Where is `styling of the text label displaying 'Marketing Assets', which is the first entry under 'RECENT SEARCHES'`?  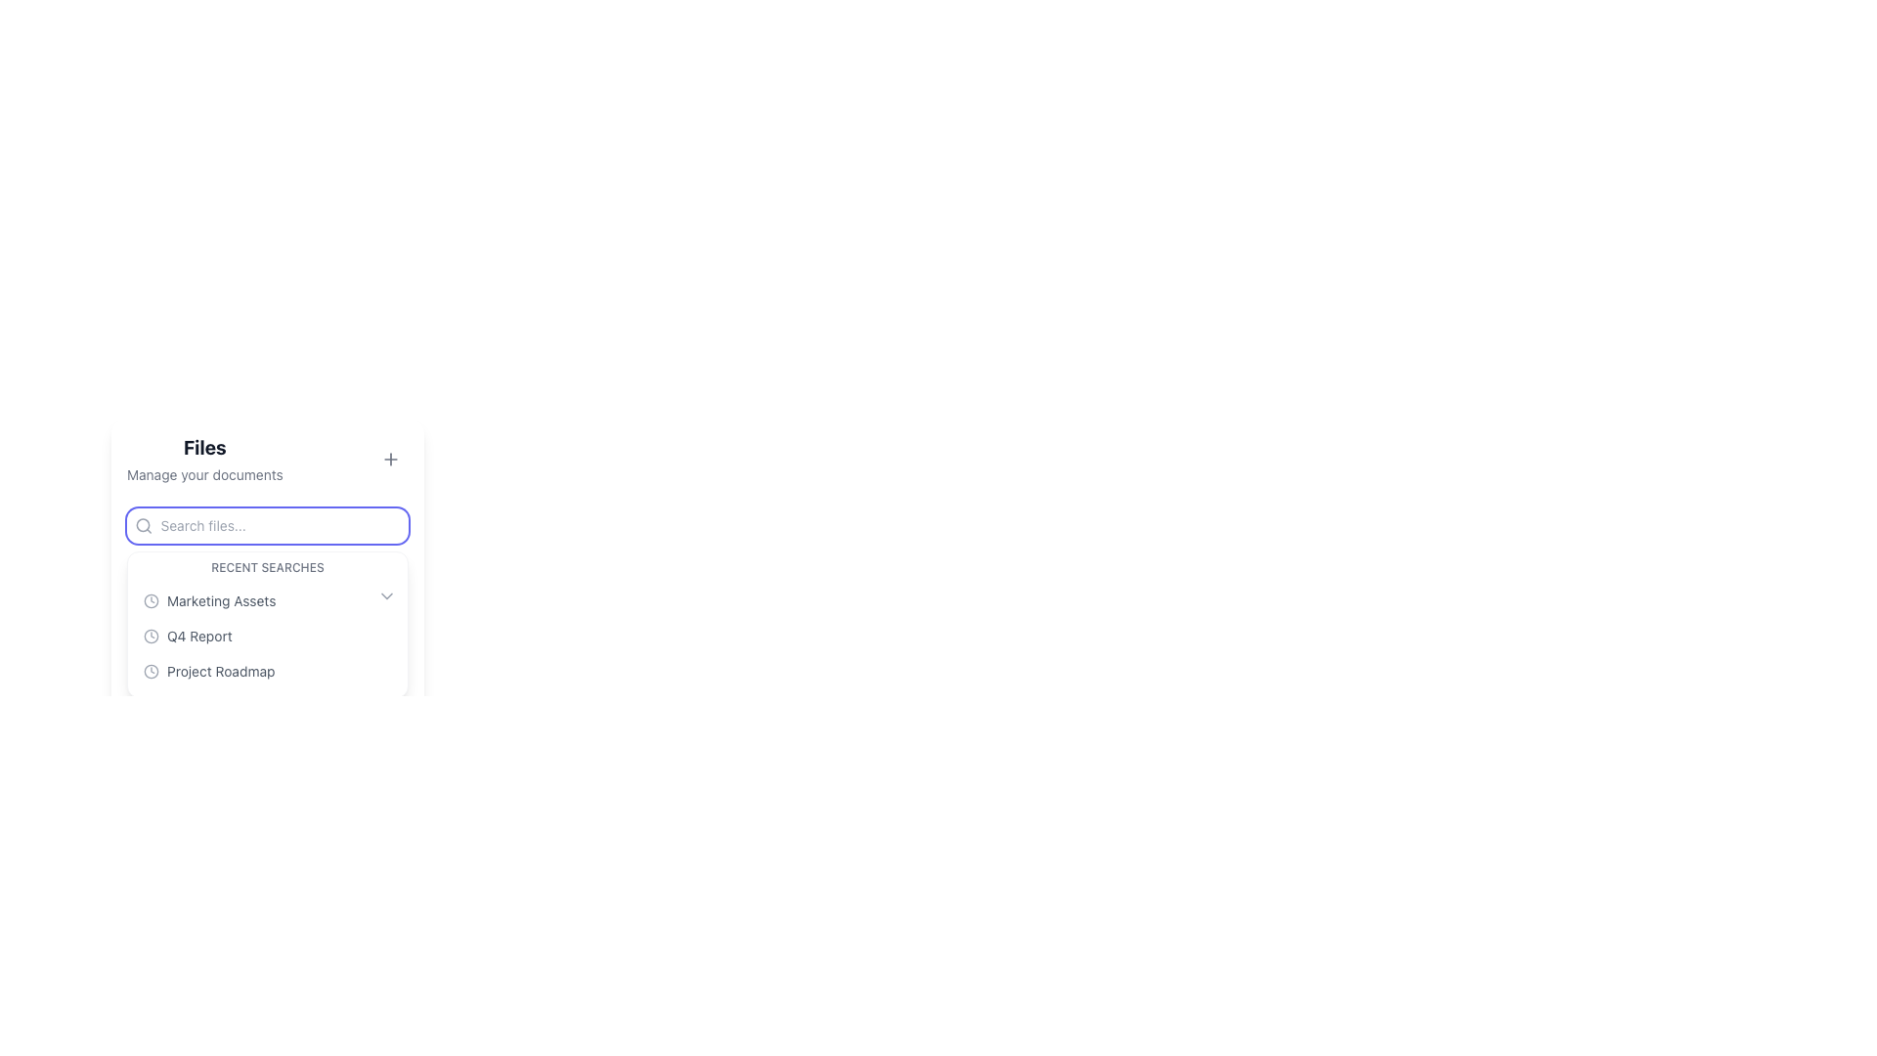
styling of the text label displaying 'Marketing Assets', which is the first entry under 'RECENT SEARCHES' is located at coordinates (221, 599).